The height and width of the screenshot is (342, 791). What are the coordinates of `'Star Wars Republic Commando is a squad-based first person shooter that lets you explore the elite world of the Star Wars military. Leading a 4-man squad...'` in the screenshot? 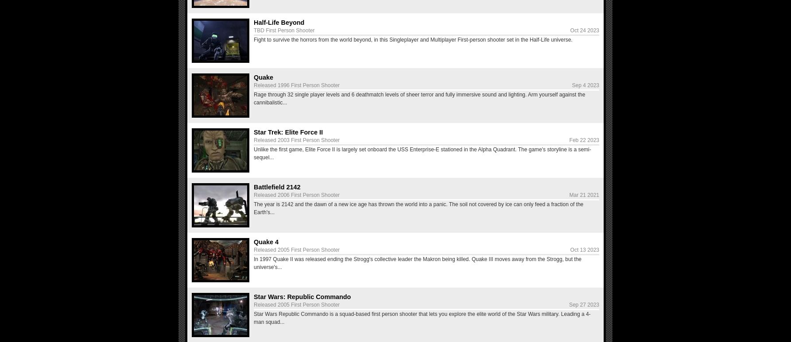 It's located at (253, 318).